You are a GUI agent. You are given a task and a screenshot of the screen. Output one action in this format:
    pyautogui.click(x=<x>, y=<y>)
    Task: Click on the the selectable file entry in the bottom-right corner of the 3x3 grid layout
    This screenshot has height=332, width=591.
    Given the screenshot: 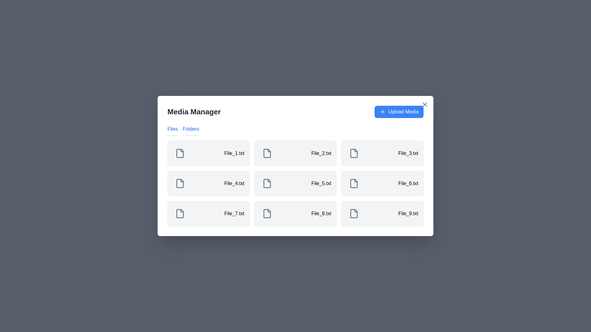 What is the action you would take?
    pyautogui.click(x=382, y=213)
    